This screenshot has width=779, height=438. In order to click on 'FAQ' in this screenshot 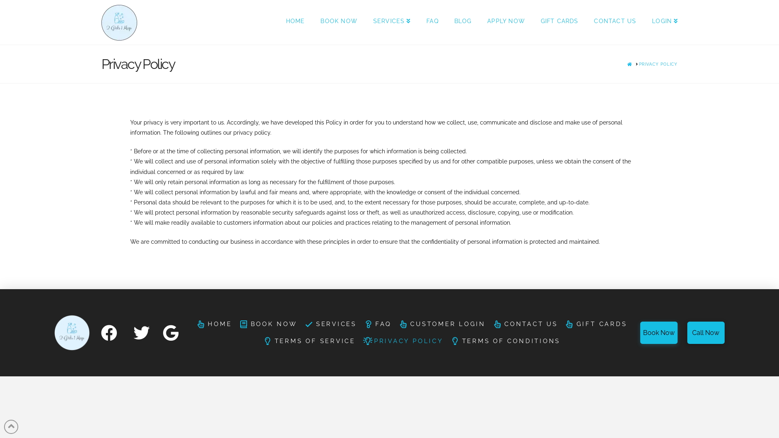, I will do `click(432, 21)`.